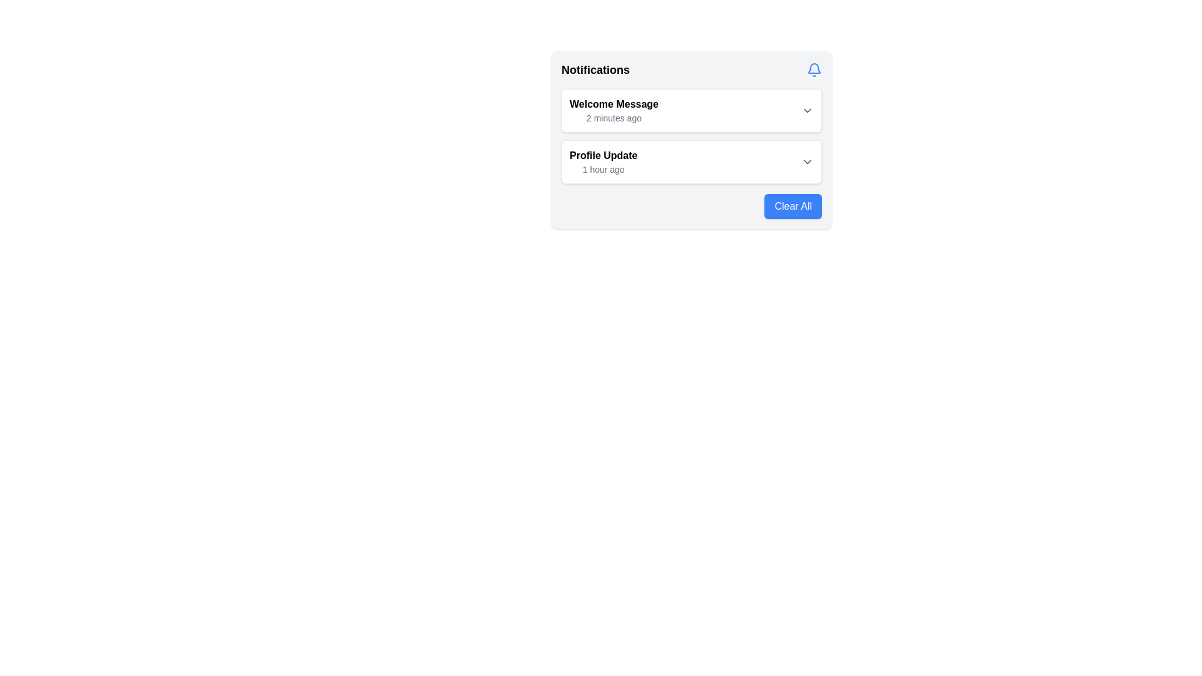  Describe the element at coordinates (604, 169) in the screenshot. I see `text label displaying '1 hour ago' which is located beneath the 'Profile Update' title in a small, gray font` at that location.